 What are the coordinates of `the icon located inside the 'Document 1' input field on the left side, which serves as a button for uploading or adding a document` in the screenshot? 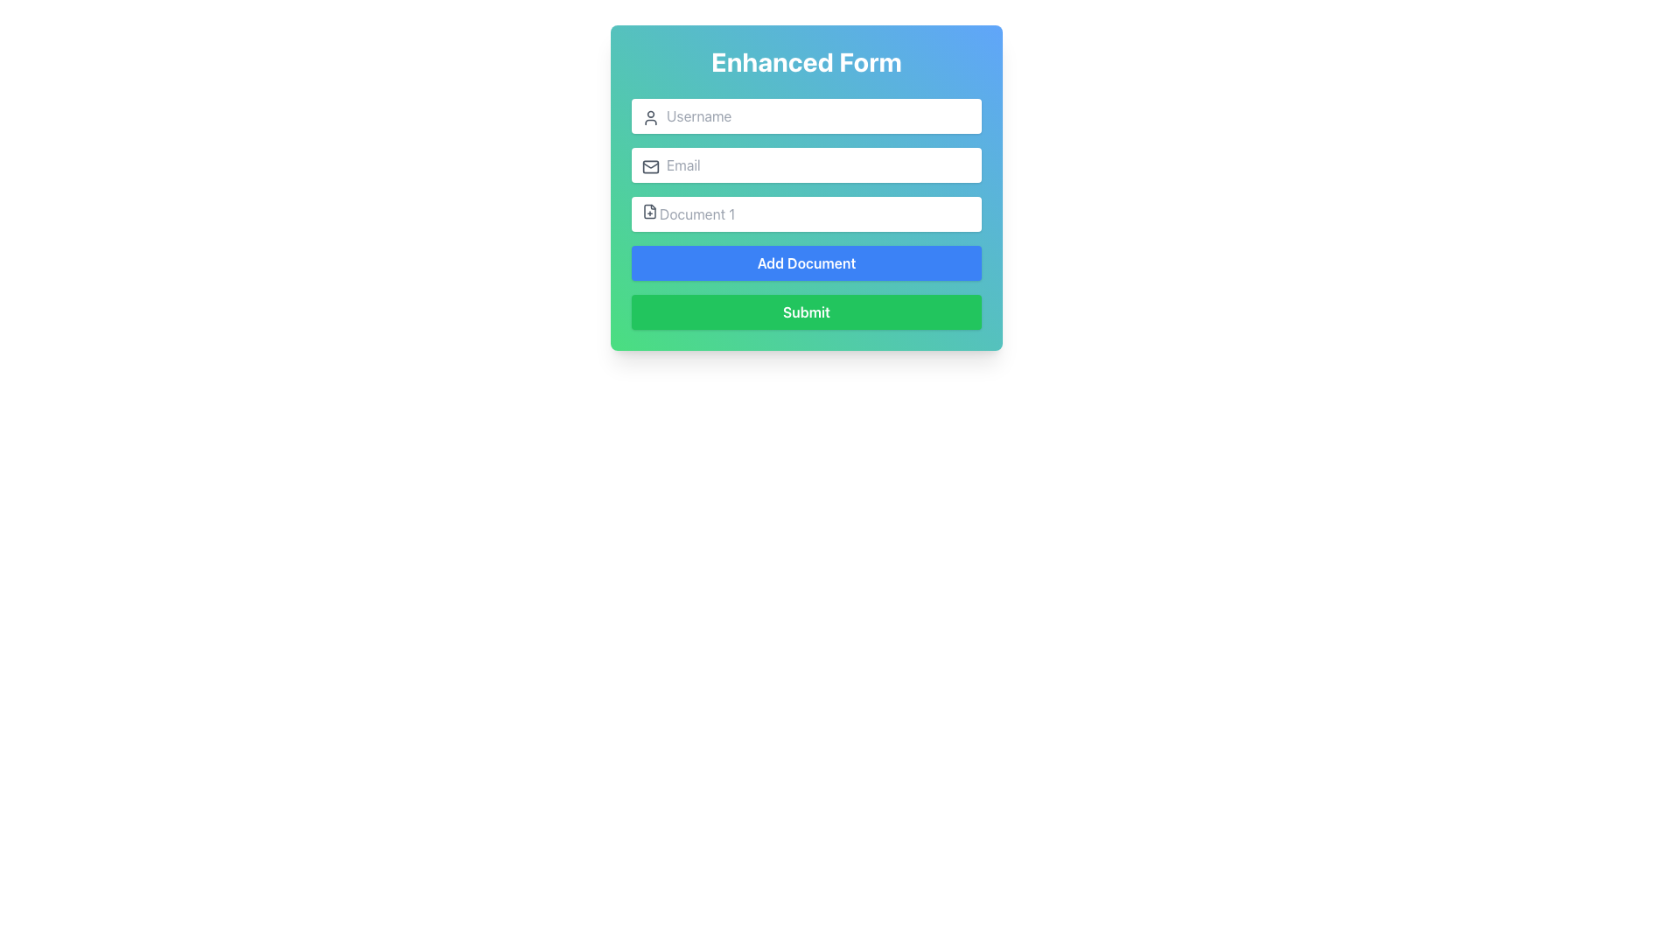 It's located at (649, 211).